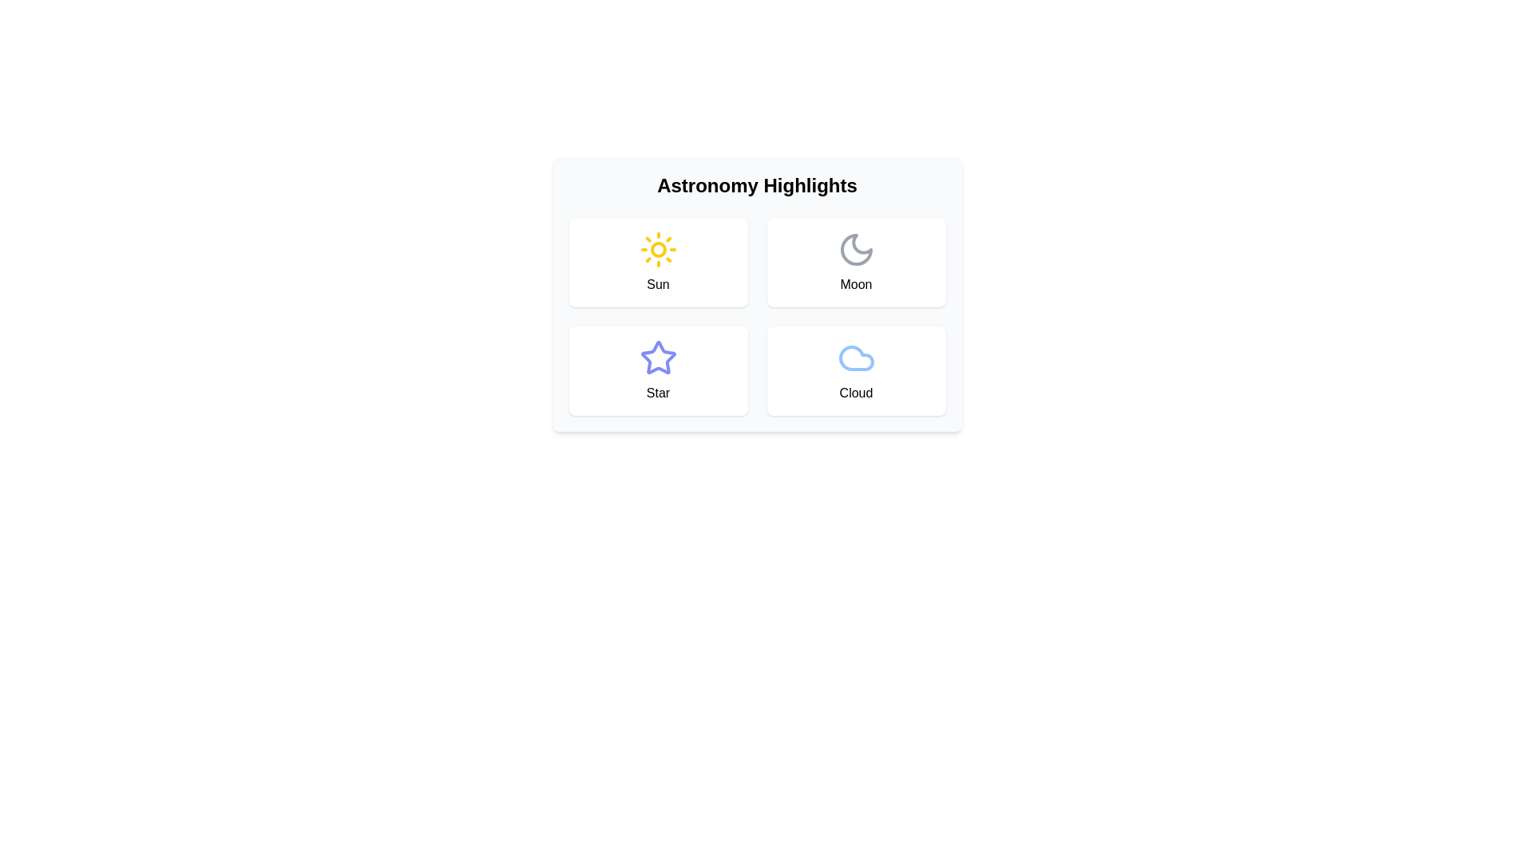  What do you see at coordinates (658, 357) in the screenshot?
I see `the star-shaped icon with a hollow outline styled in blueish-indigo color to interact with it` at bounding box center [658, 357].